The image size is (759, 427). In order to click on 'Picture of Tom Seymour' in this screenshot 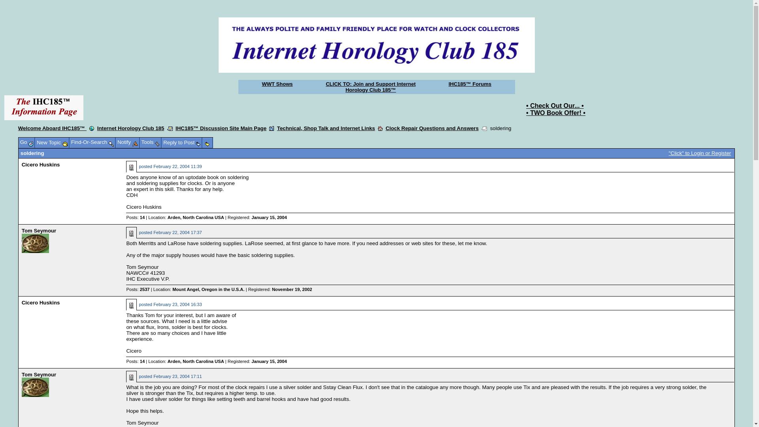, I will do `click(35, 242)`.